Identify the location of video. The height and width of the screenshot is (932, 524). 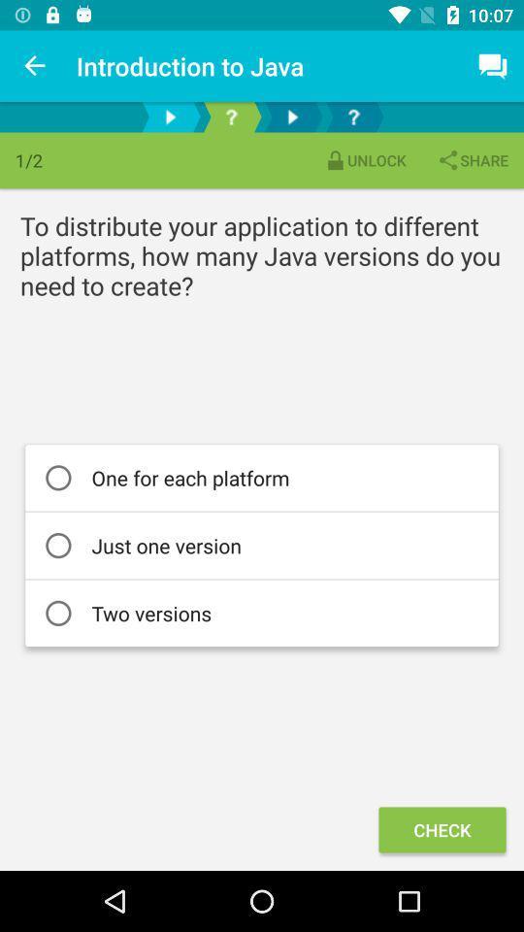
(170, 116).